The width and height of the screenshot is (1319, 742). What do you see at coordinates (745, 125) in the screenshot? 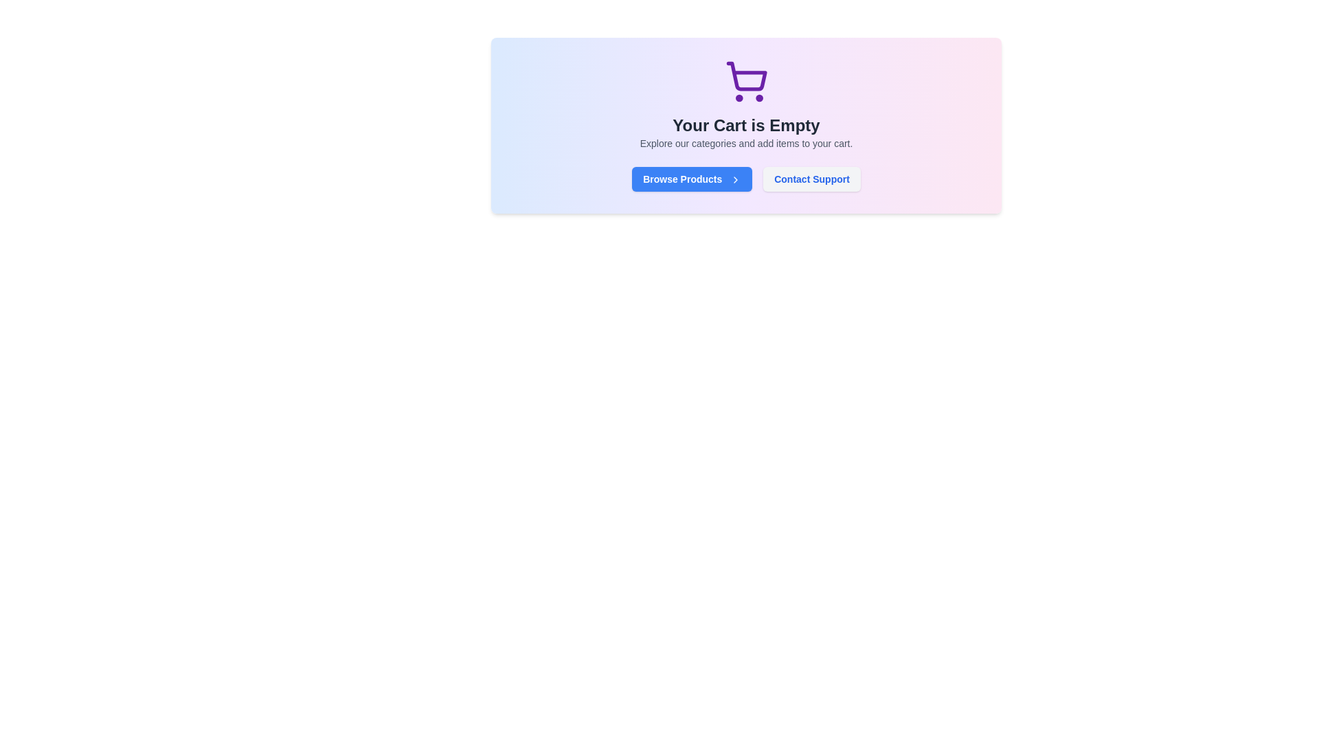
I see `the Text Display element that indicates the shopping cart is empty, which is centrally positioned within a rounded, gradient-shaded box` at bounding box center [745, 125].